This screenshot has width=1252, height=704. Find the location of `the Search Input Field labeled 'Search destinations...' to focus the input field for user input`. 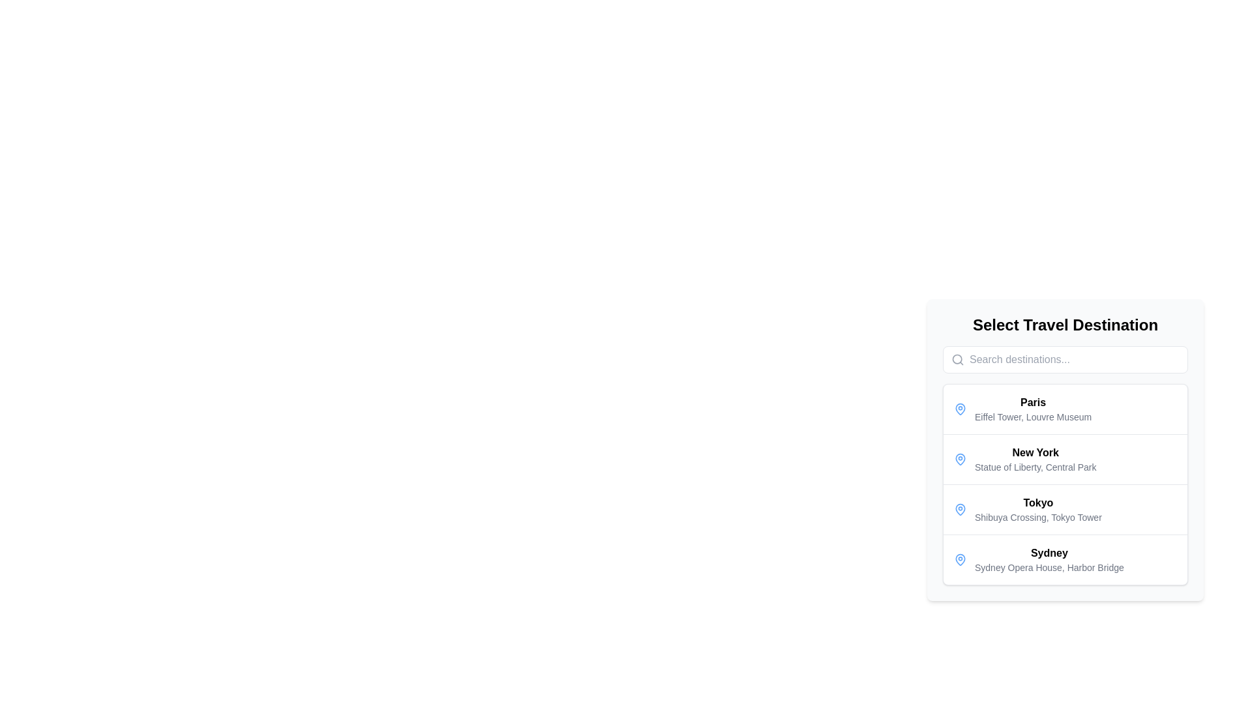

the Search Input Field labeled 'Search destinations...' to focus the input field for user input is located at coordinates (1065, 359).